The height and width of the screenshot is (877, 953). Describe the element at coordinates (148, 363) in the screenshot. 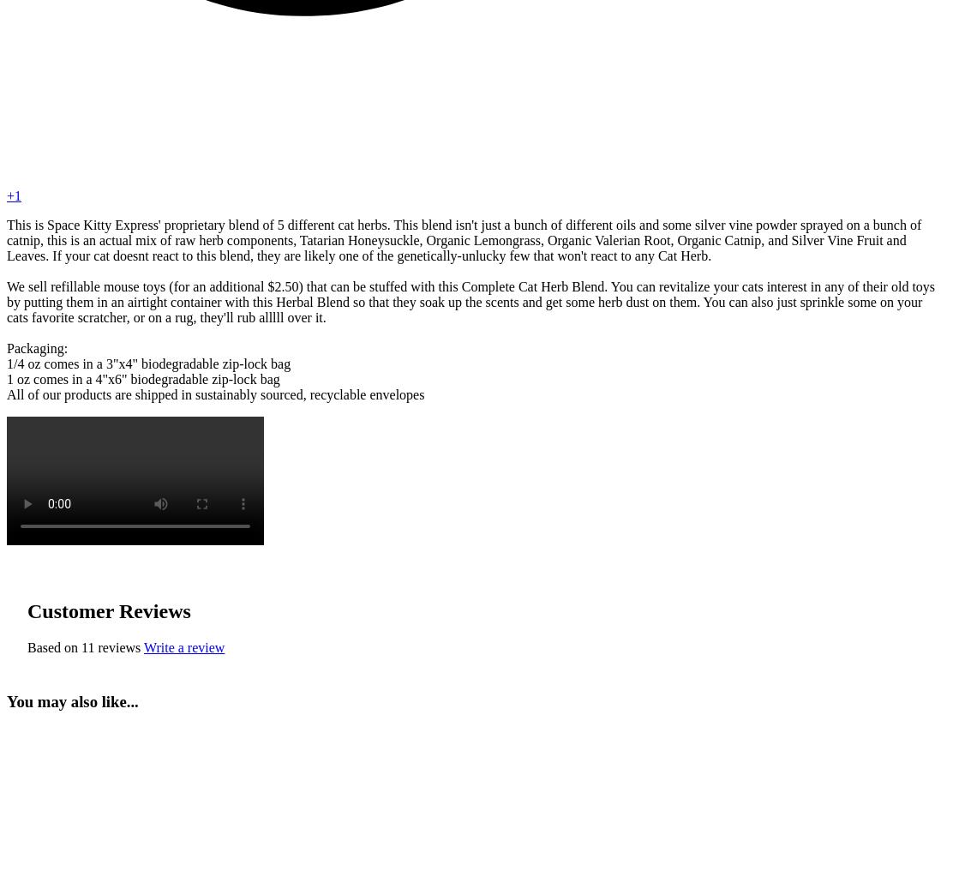

I see `'1/4 oz comes in a 3"x4" biodegradable zip-lock bag'` at that location.